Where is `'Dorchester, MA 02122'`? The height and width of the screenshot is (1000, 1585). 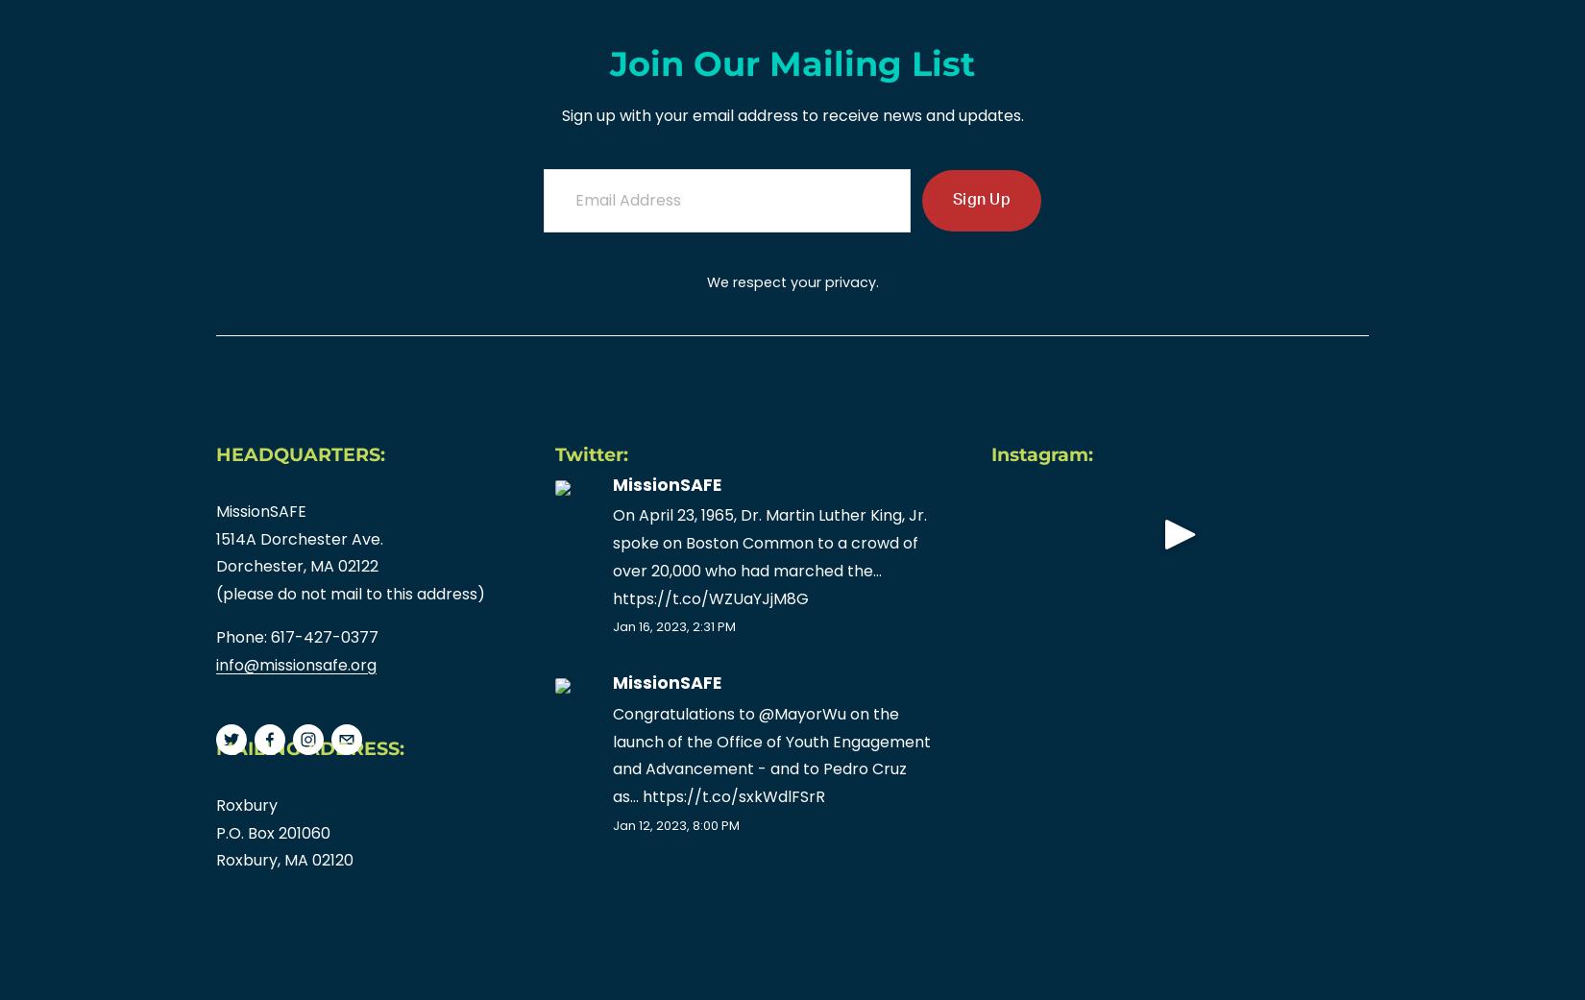 'Dorchester, MA 02122' is located at coordinates (299, 566).